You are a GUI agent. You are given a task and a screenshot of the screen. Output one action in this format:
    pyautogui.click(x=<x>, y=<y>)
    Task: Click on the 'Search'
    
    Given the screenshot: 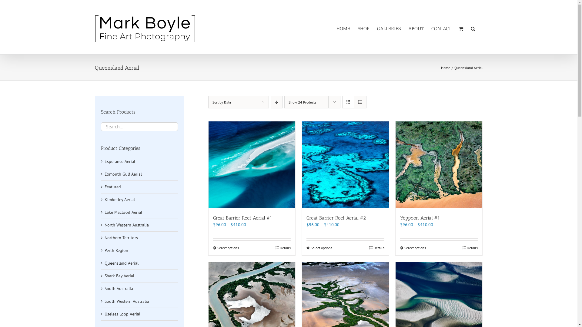 What is the action you would take?
    pyautogui.click(x=472, y=29)
    